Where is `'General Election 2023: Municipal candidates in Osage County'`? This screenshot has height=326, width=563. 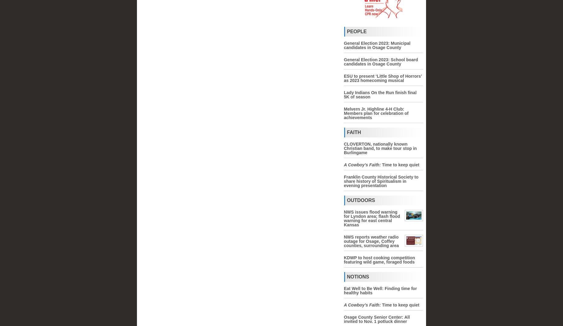 'General Election 2023: Municipal candidates in Osage County' is located at coordinates (376, 45).